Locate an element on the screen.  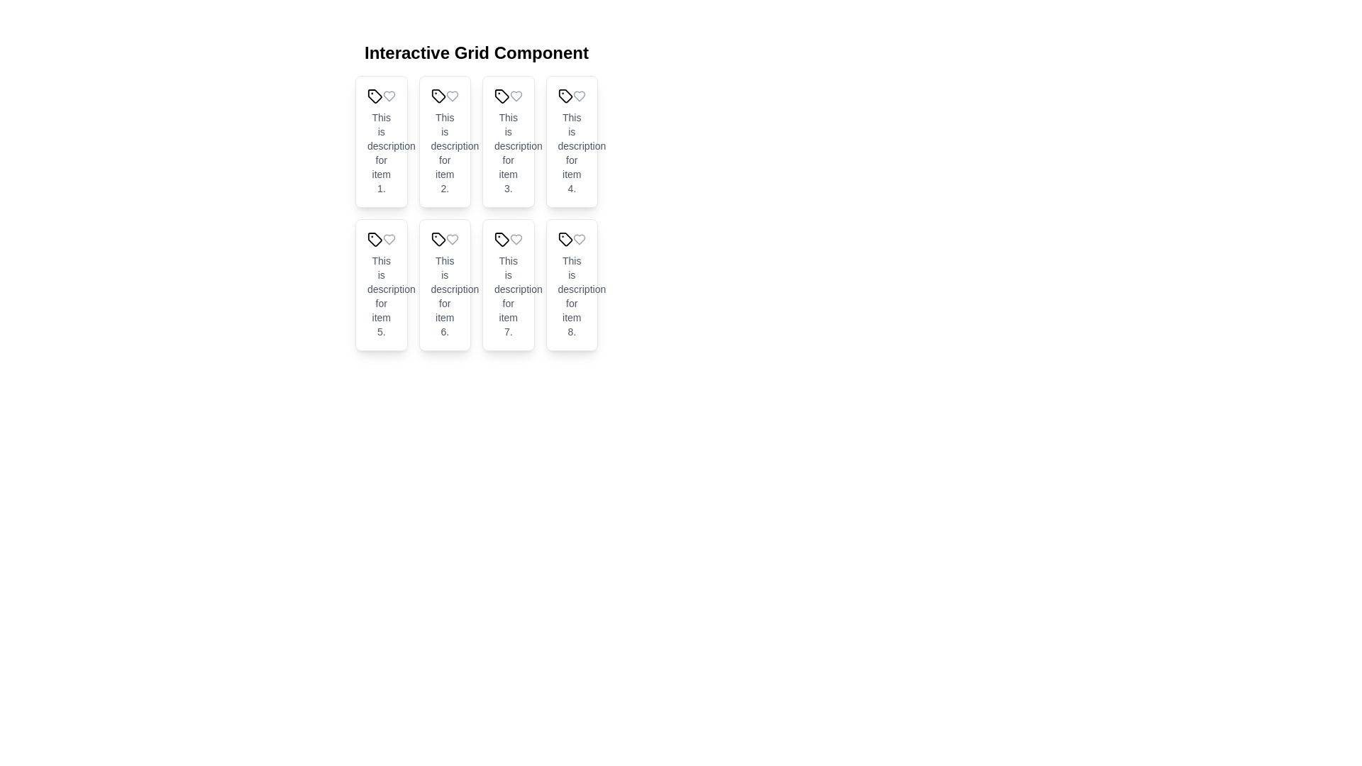
the tag icon in the bottom right corner of the 'Interactive Grid Component', which is part of the card associated with 'This is description for item 8.' is located at coordinates (565, 239).